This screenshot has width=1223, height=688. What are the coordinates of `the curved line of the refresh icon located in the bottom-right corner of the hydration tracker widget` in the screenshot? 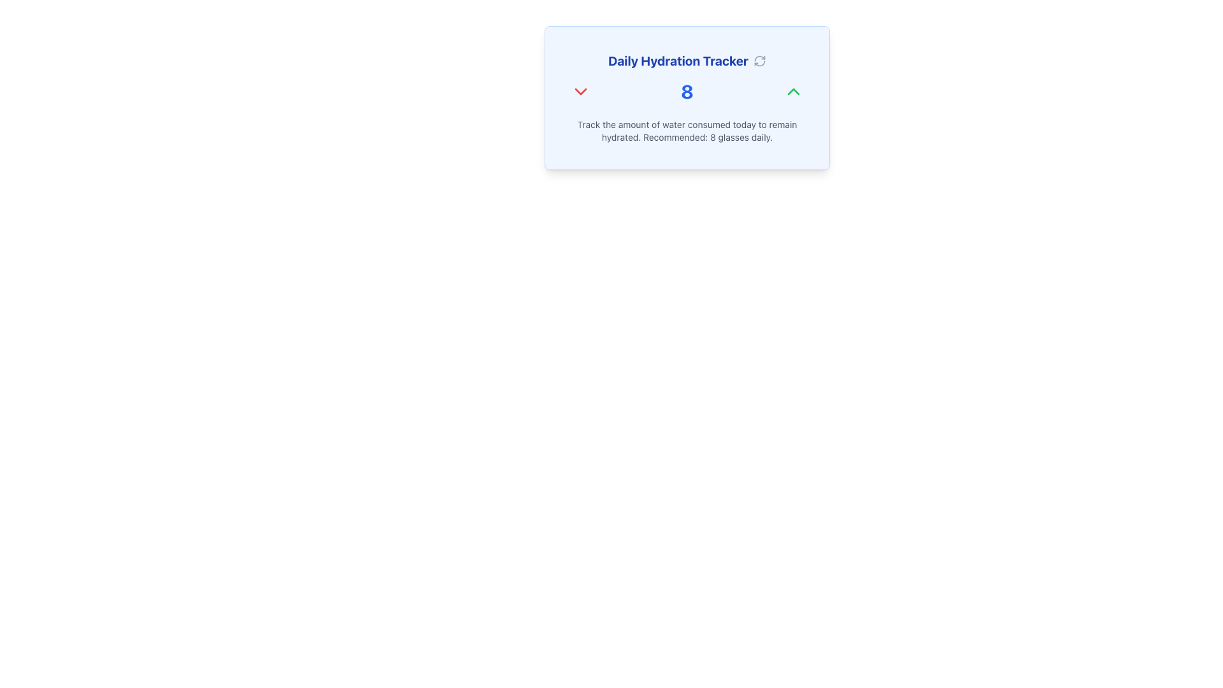 It's located at (759, 63).